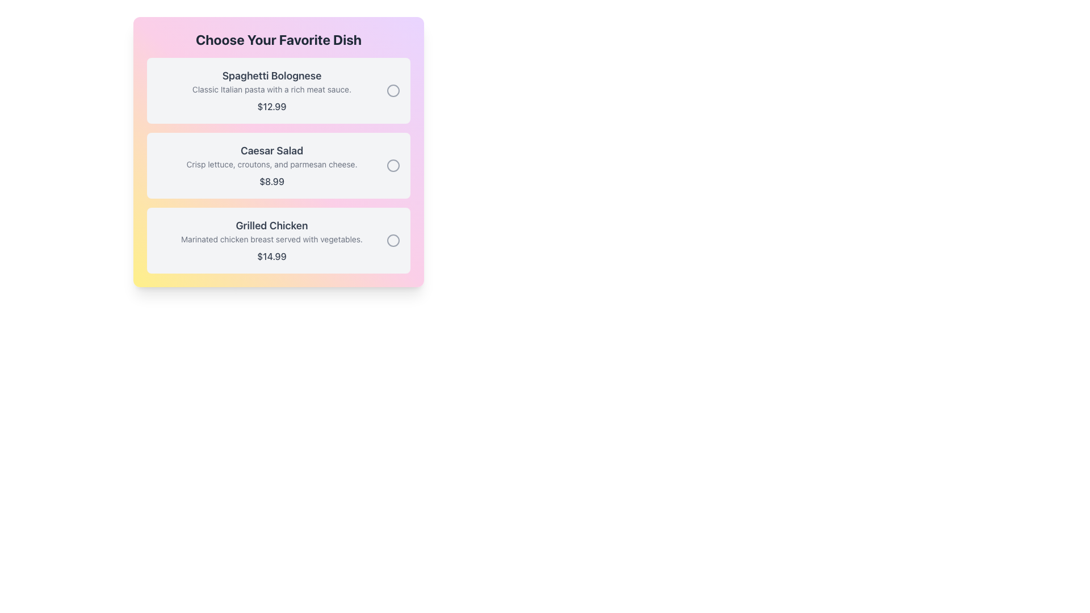 Image resolution: width=1090 pixels, height=613 pixels. What do you see at coordinates (278, 39) in the screenshot?
I see `the Text header located at the top of the central panel that introduces the list of favorite dish options` at bounding box center [278, 39].